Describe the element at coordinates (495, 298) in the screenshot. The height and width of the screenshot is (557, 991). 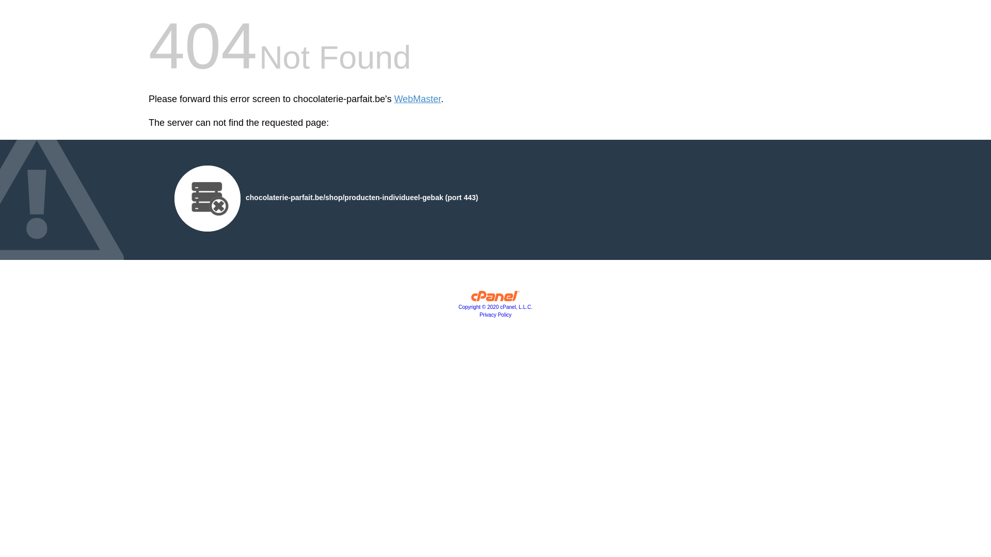
I see `'cPanel, Inc.'` at that location.